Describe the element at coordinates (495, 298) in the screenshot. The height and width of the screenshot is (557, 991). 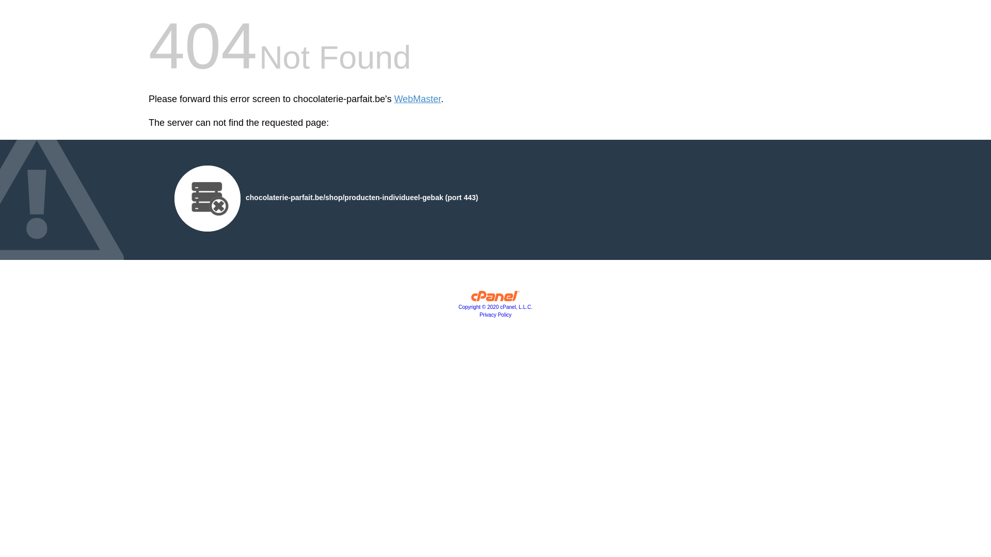
I see `'cPanel, Inc.'` at that location.